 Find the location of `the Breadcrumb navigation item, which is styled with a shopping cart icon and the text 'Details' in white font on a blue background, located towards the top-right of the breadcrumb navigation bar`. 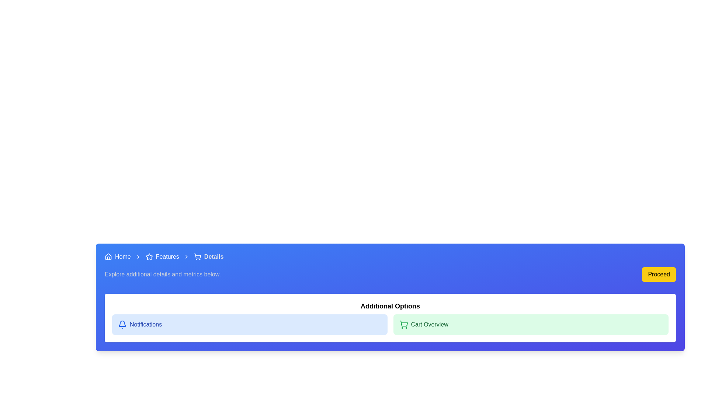

the Breadcrumb navigation item, which is styled with a shopping cart icon and the text 'Details' in white font on a blue background, located towards the top-right of the breadcrumb navigation bar is located at coordinates (208, 256).